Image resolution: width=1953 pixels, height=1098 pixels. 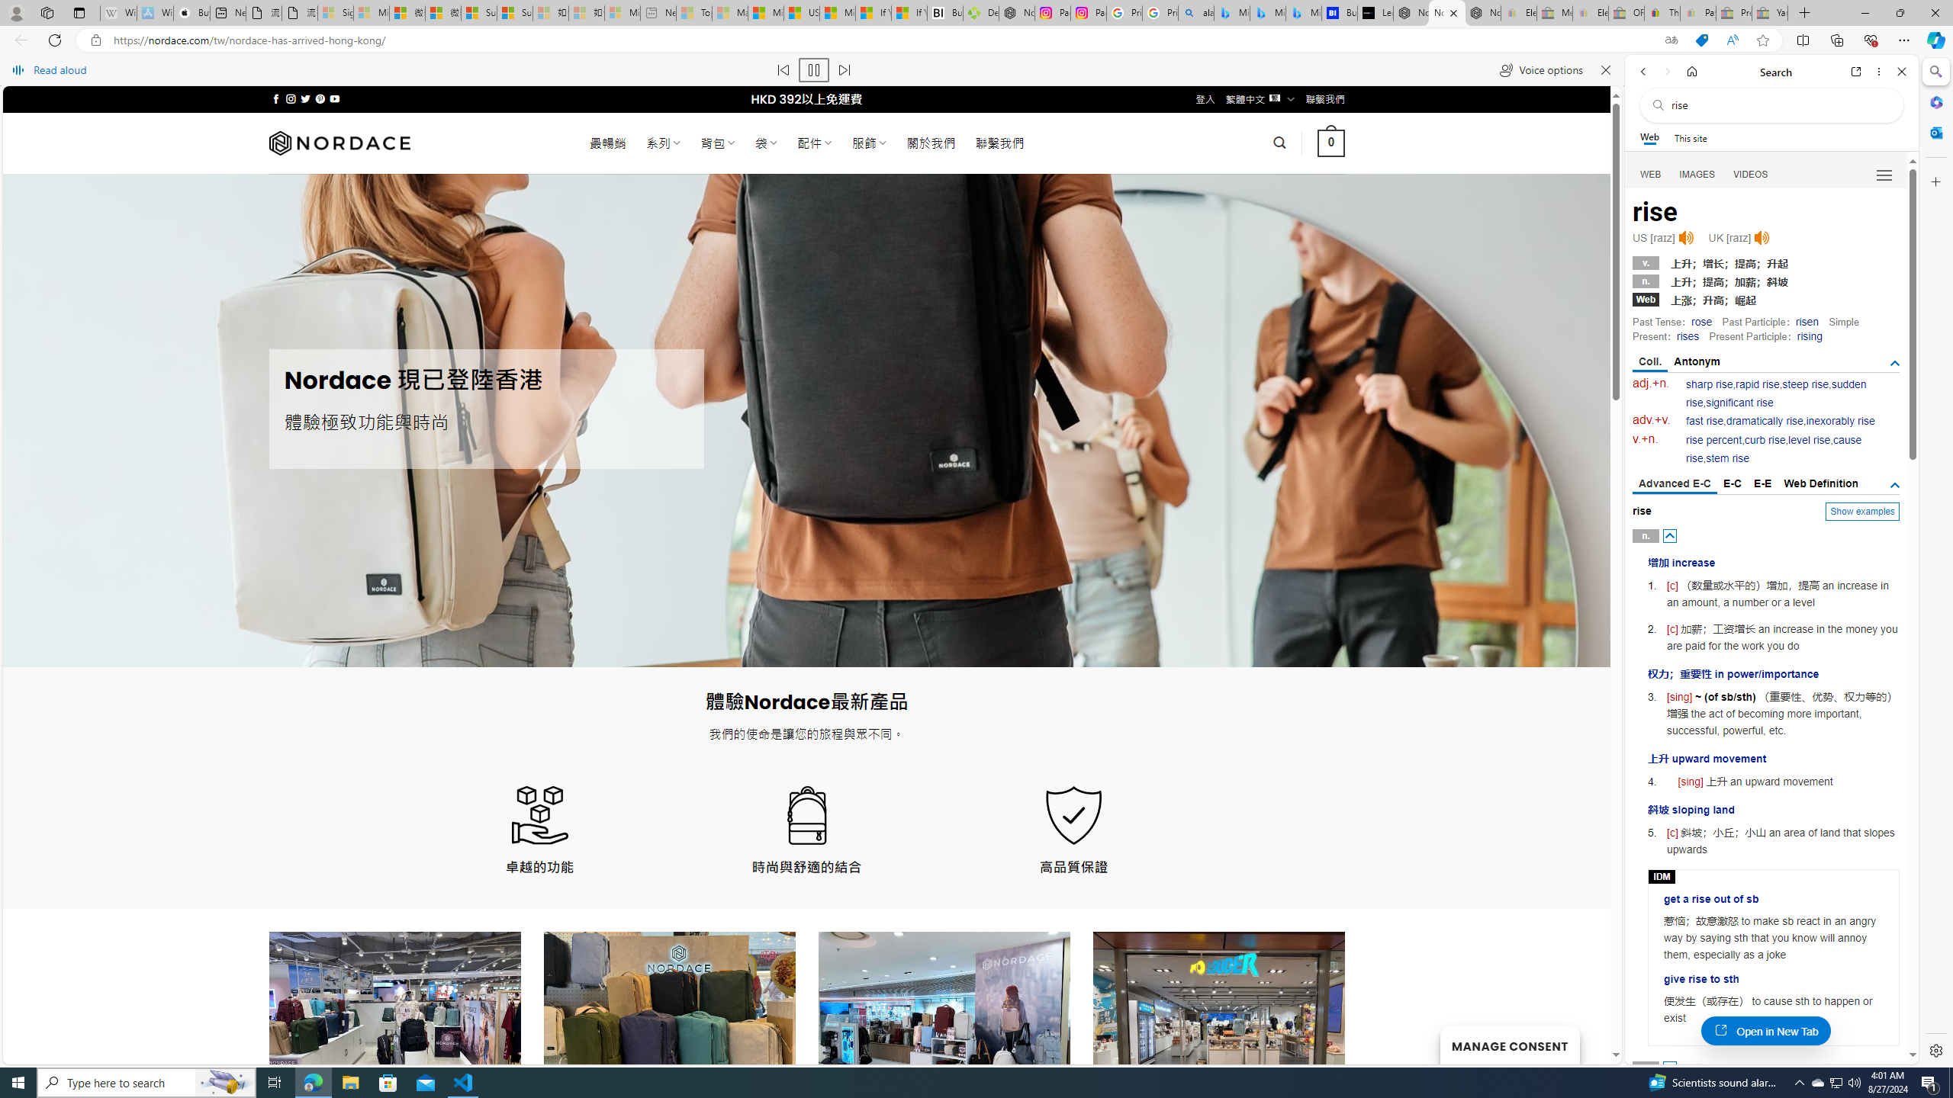 What do you see at coordinates (1733, 12) in the screenshot?
I see `'Press Room - eBay Inc. - Sleeping'` at bounding box center [1733, 12].